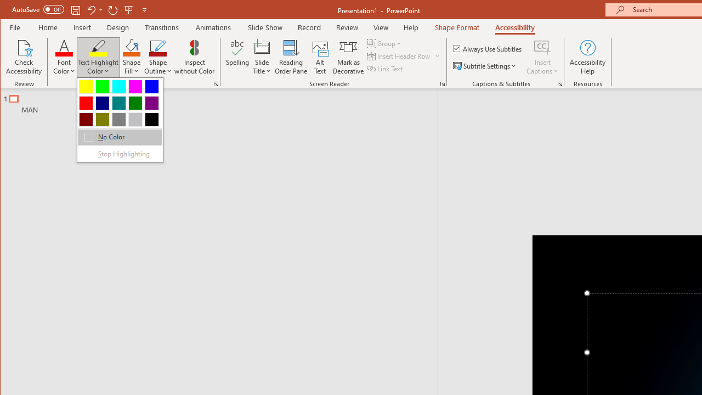  What do you see at coordinates (542, 57) in the screenshot?
I see `'Insert Captions'` at bounding box center [542, 57].